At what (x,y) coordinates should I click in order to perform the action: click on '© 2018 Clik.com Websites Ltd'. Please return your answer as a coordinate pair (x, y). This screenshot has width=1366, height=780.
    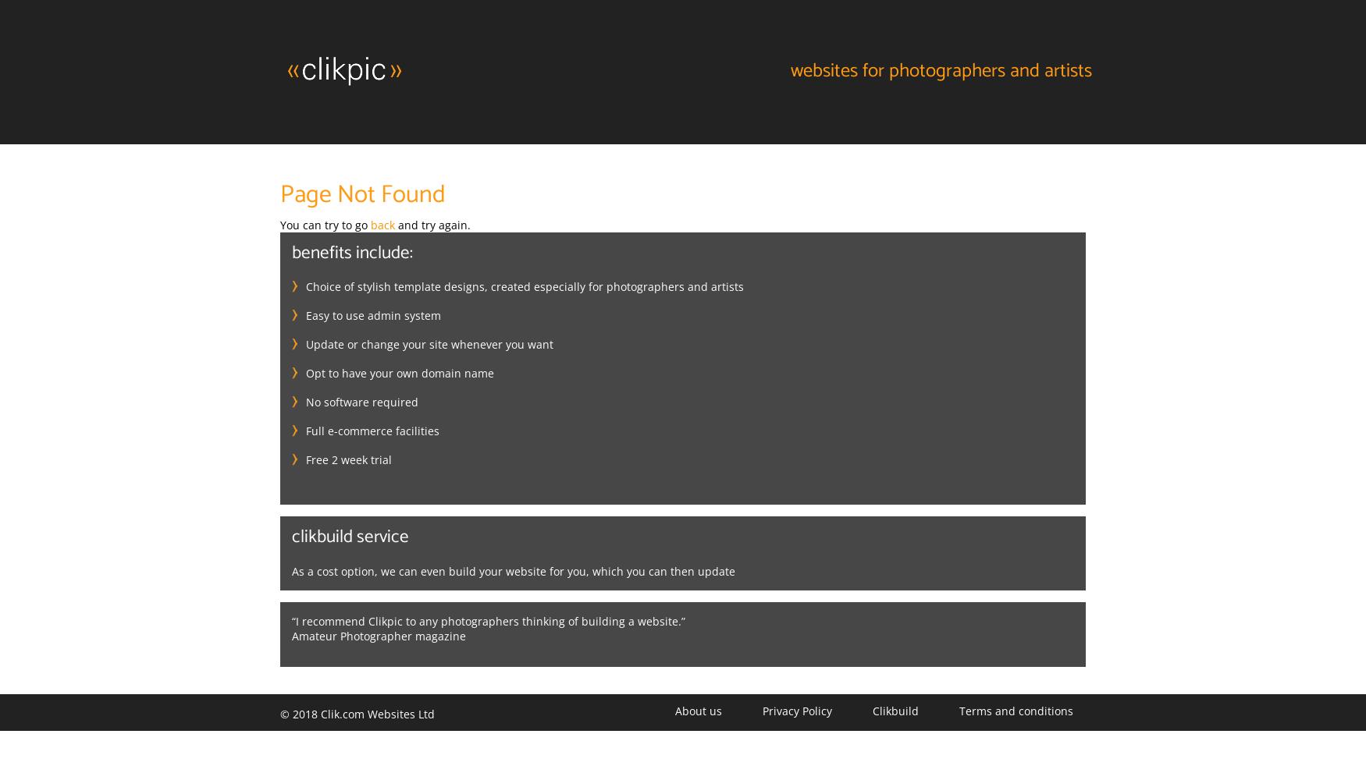
    Looking at the image, I should click on (357, 713).